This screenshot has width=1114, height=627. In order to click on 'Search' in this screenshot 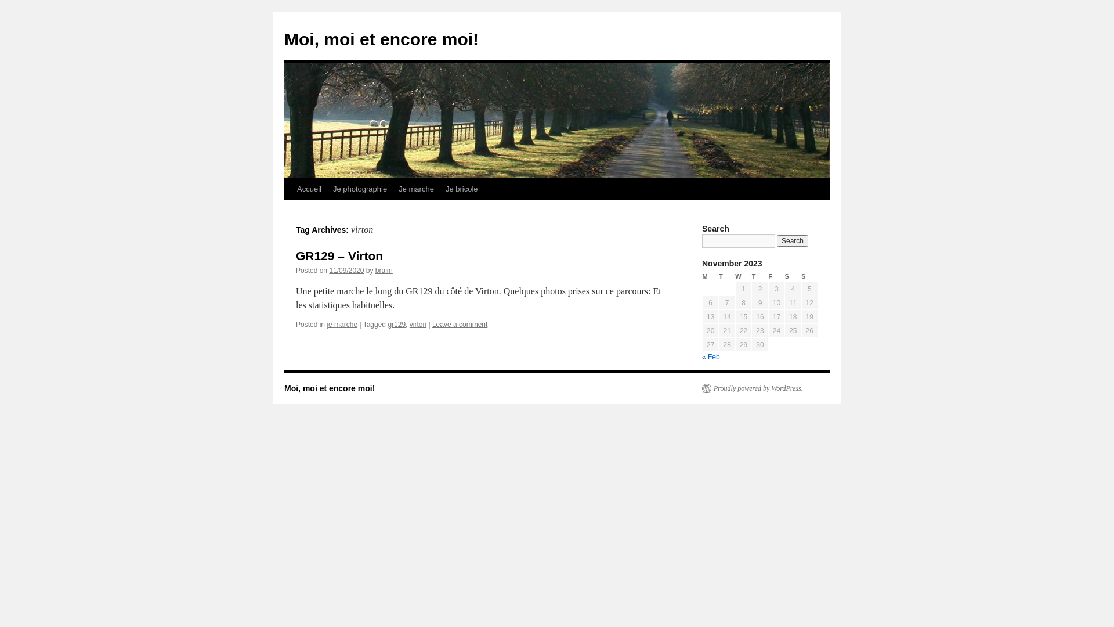, I will do `click(792, 240)`.